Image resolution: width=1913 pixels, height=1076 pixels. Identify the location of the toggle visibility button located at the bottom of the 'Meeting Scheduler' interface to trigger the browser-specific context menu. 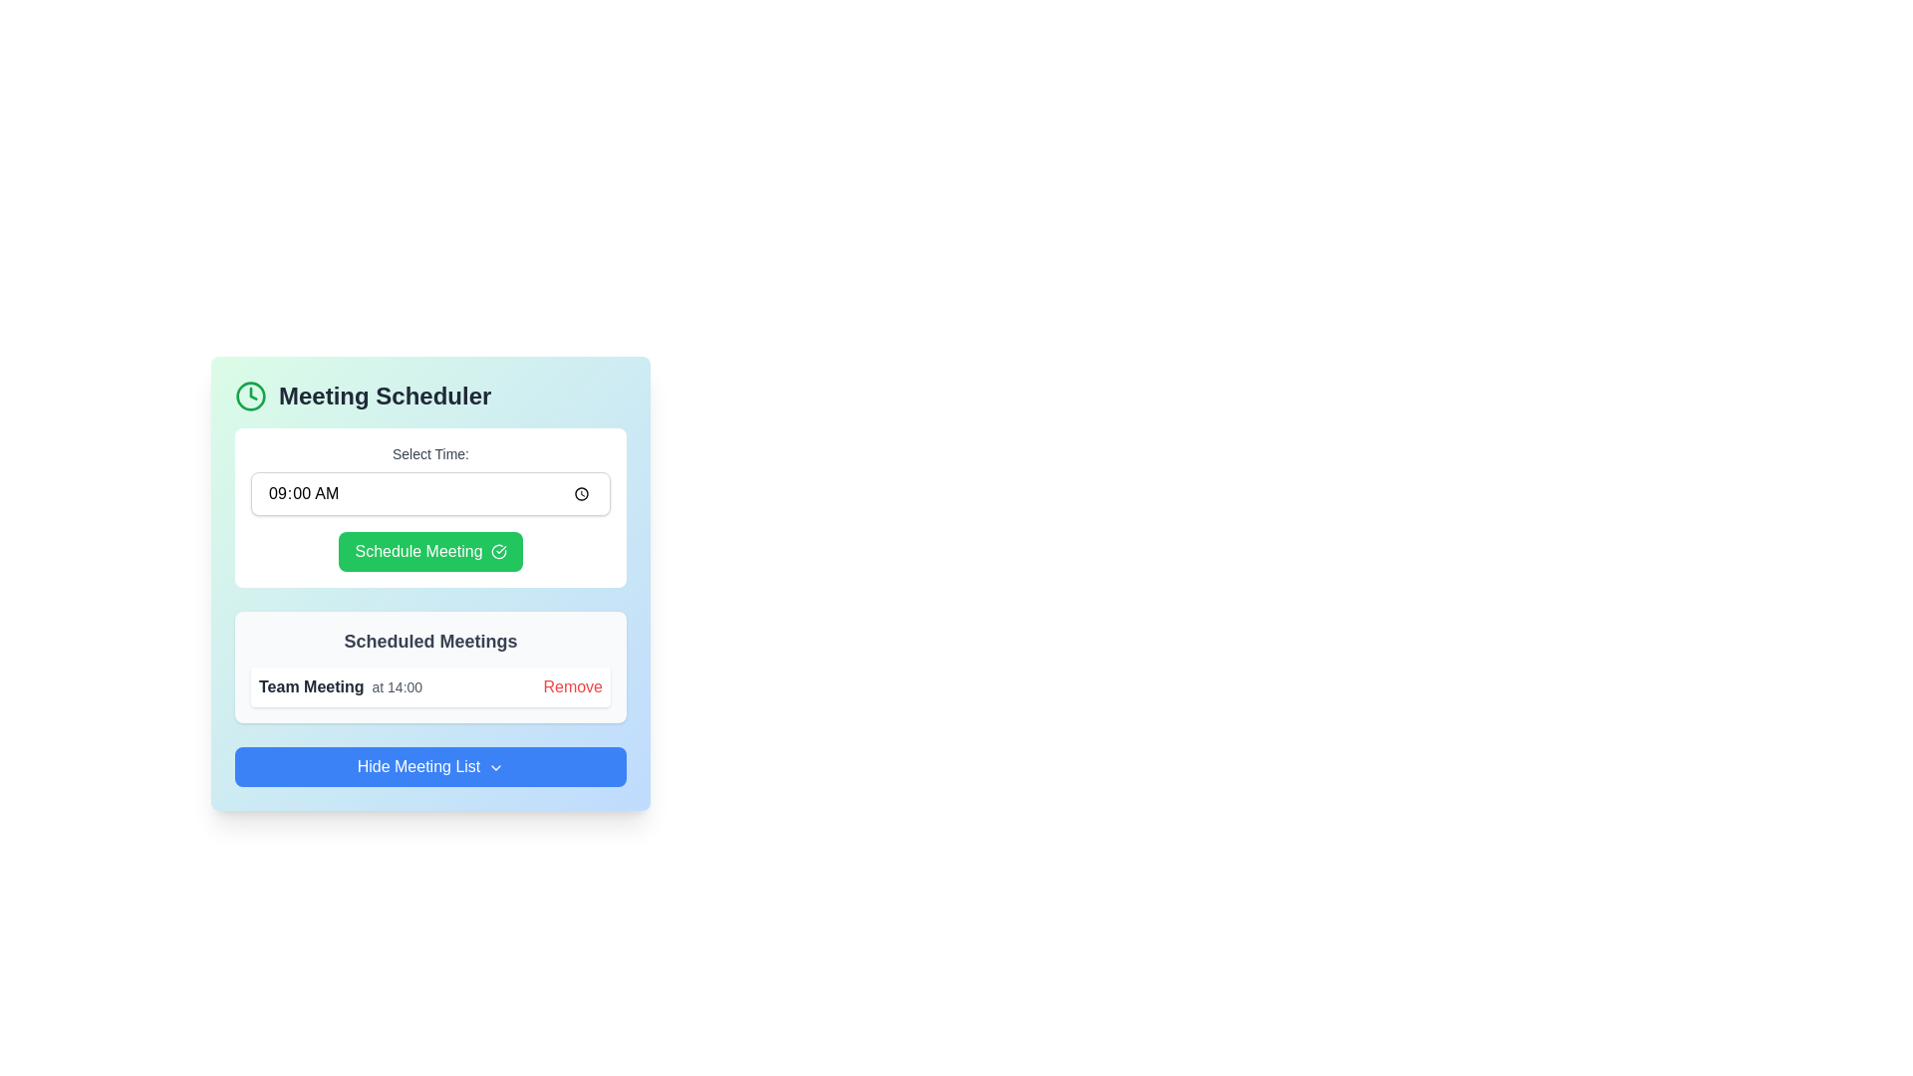
(429, 766).